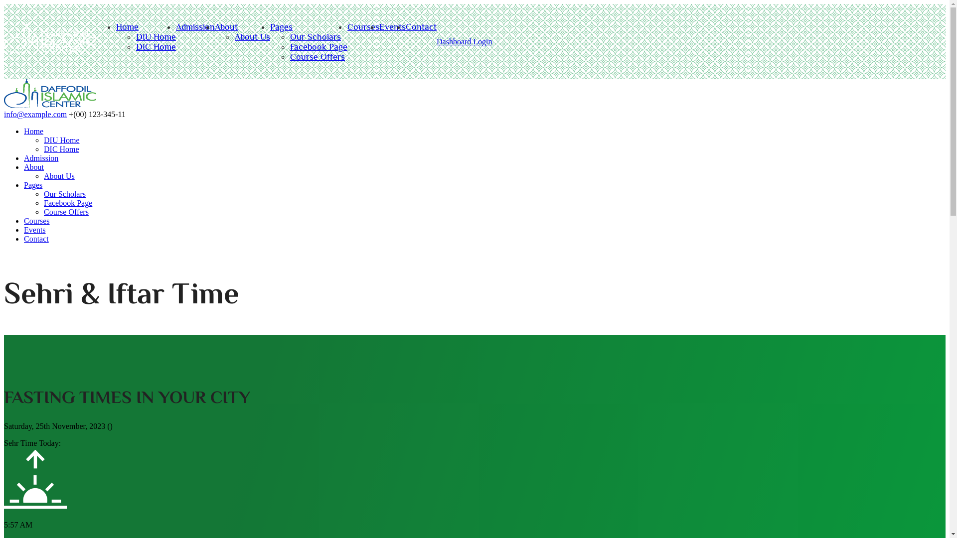 Image resolution: width=957 pixels, height=538 pixels. Describe the element at coordinates (24, 131) in the screenshot. I see `'Home'` at that location.